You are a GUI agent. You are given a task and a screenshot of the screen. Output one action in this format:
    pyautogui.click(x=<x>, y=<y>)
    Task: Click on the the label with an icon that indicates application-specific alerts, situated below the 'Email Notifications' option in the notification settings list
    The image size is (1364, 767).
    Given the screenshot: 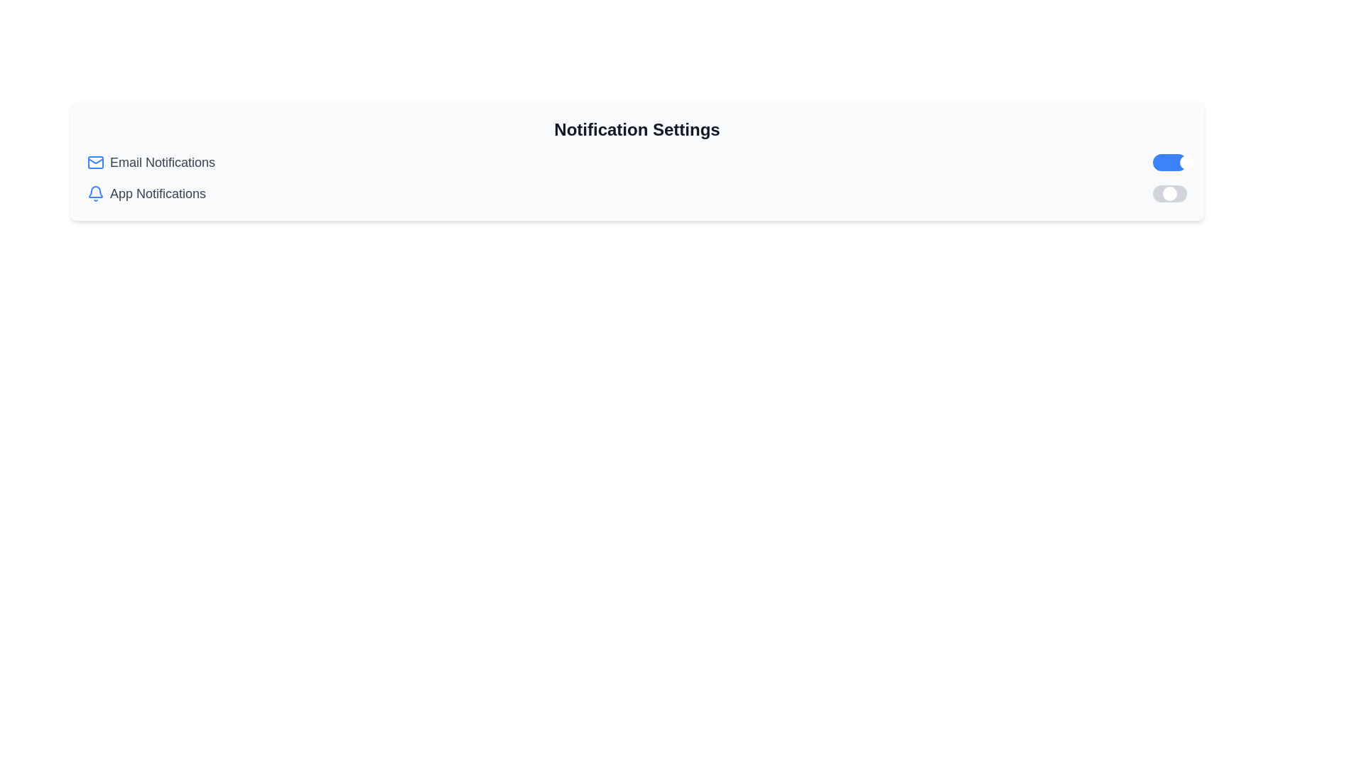 What is the action you would take?
    pyautogui.click(x=146, y=194)
    